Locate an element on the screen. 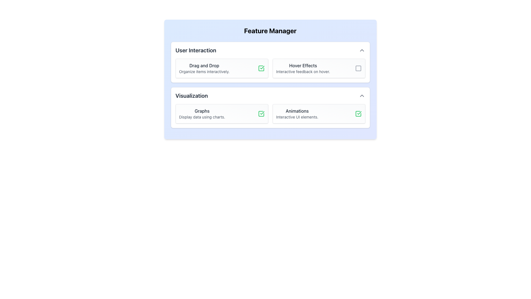 The image size is (531, 299). the graphical icon at the right end of the 'Graphs' tile in the 'Visualization' section of the 'Feature Manager' is located at coordinates (261, 114).